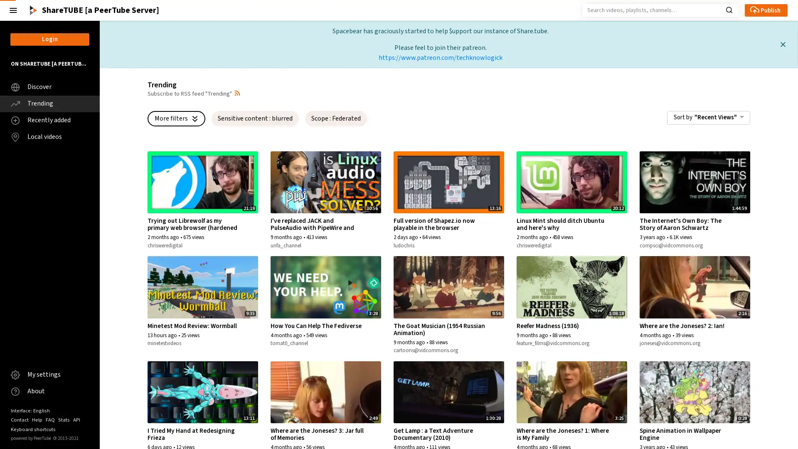  What do you see at coordinates (729, 9) in the screenshot?
I see `Search` at bounding box center [729, 9].